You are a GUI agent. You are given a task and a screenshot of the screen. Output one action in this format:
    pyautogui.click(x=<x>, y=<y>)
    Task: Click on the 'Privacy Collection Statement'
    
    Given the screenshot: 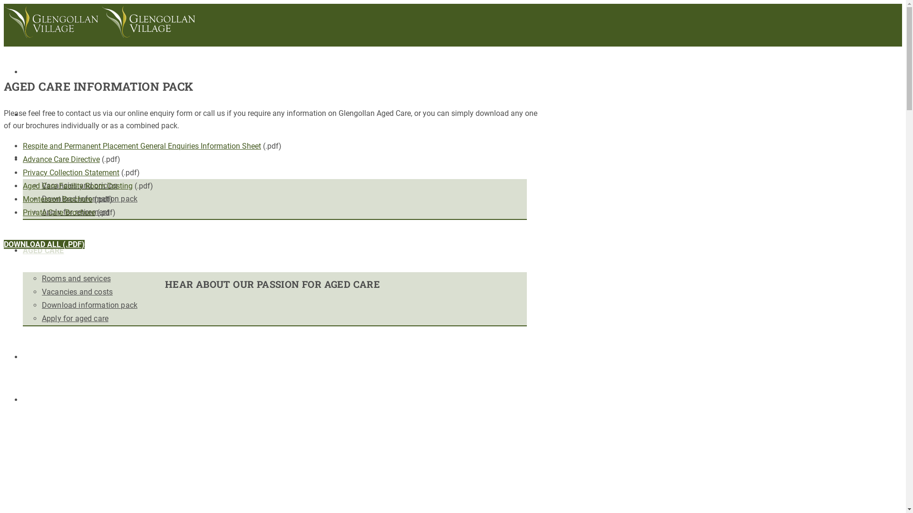 What is the action you would take?
    pyautogui.click(x=70, y=172)
    